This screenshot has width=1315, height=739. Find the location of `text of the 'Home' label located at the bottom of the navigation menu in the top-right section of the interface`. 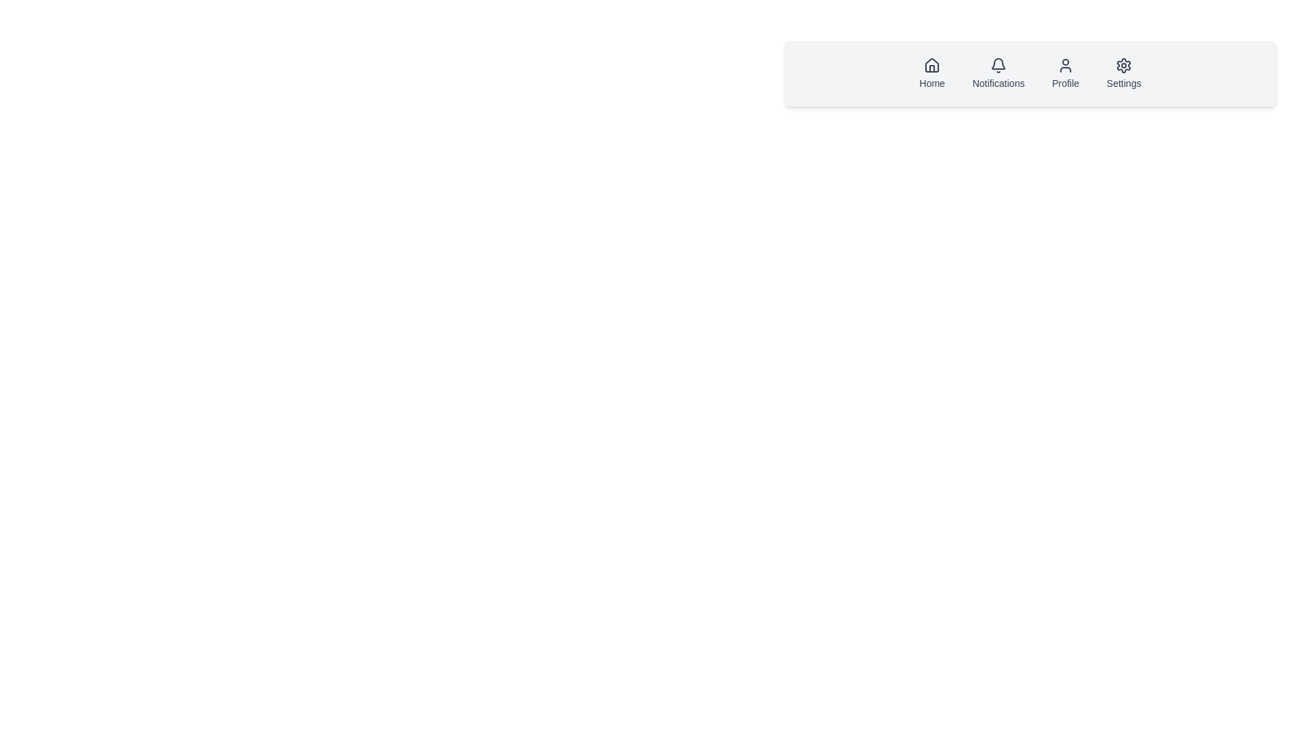

text of the 'Home' label located at the bottom of the navigation menu in the top-right section of the interface is located at coordinates (931, 83).